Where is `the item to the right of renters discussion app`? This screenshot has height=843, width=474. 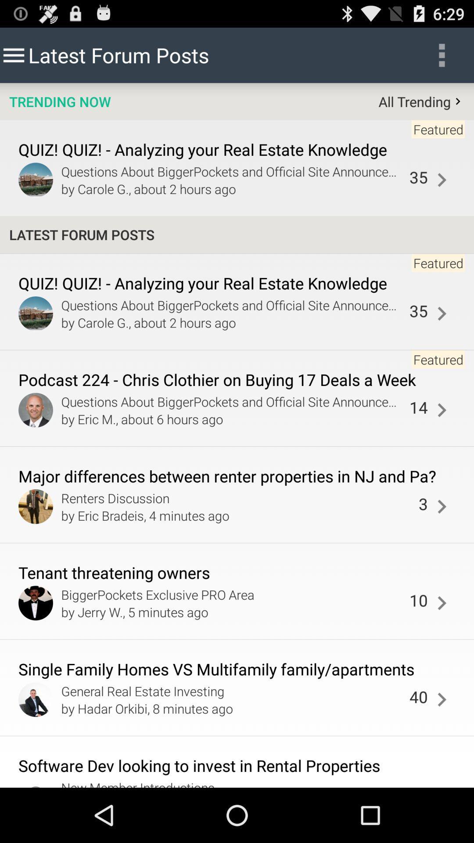
the item to the right of renters discussion app is located at coordinates (423, 504).